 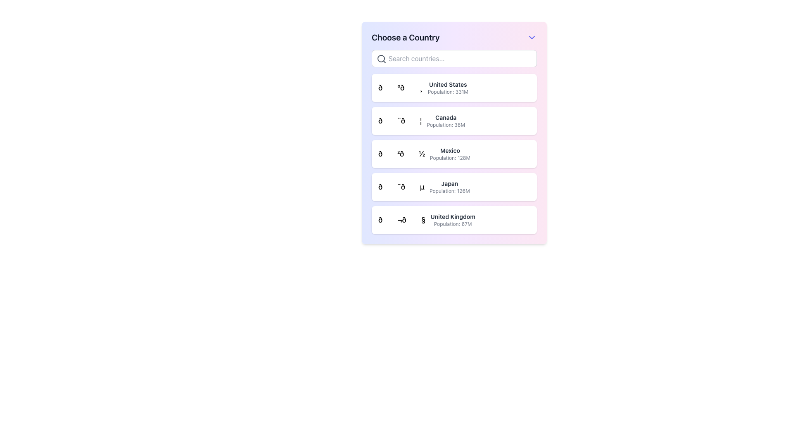 What do you see at coordinates (400, 121) in the screenshot?
I see `the flag emoji icon representing 'ð~~¨ð~~¦', located to the left of the text 'Canada Population: 38M' in the list item` at bounding box center [400, 121].